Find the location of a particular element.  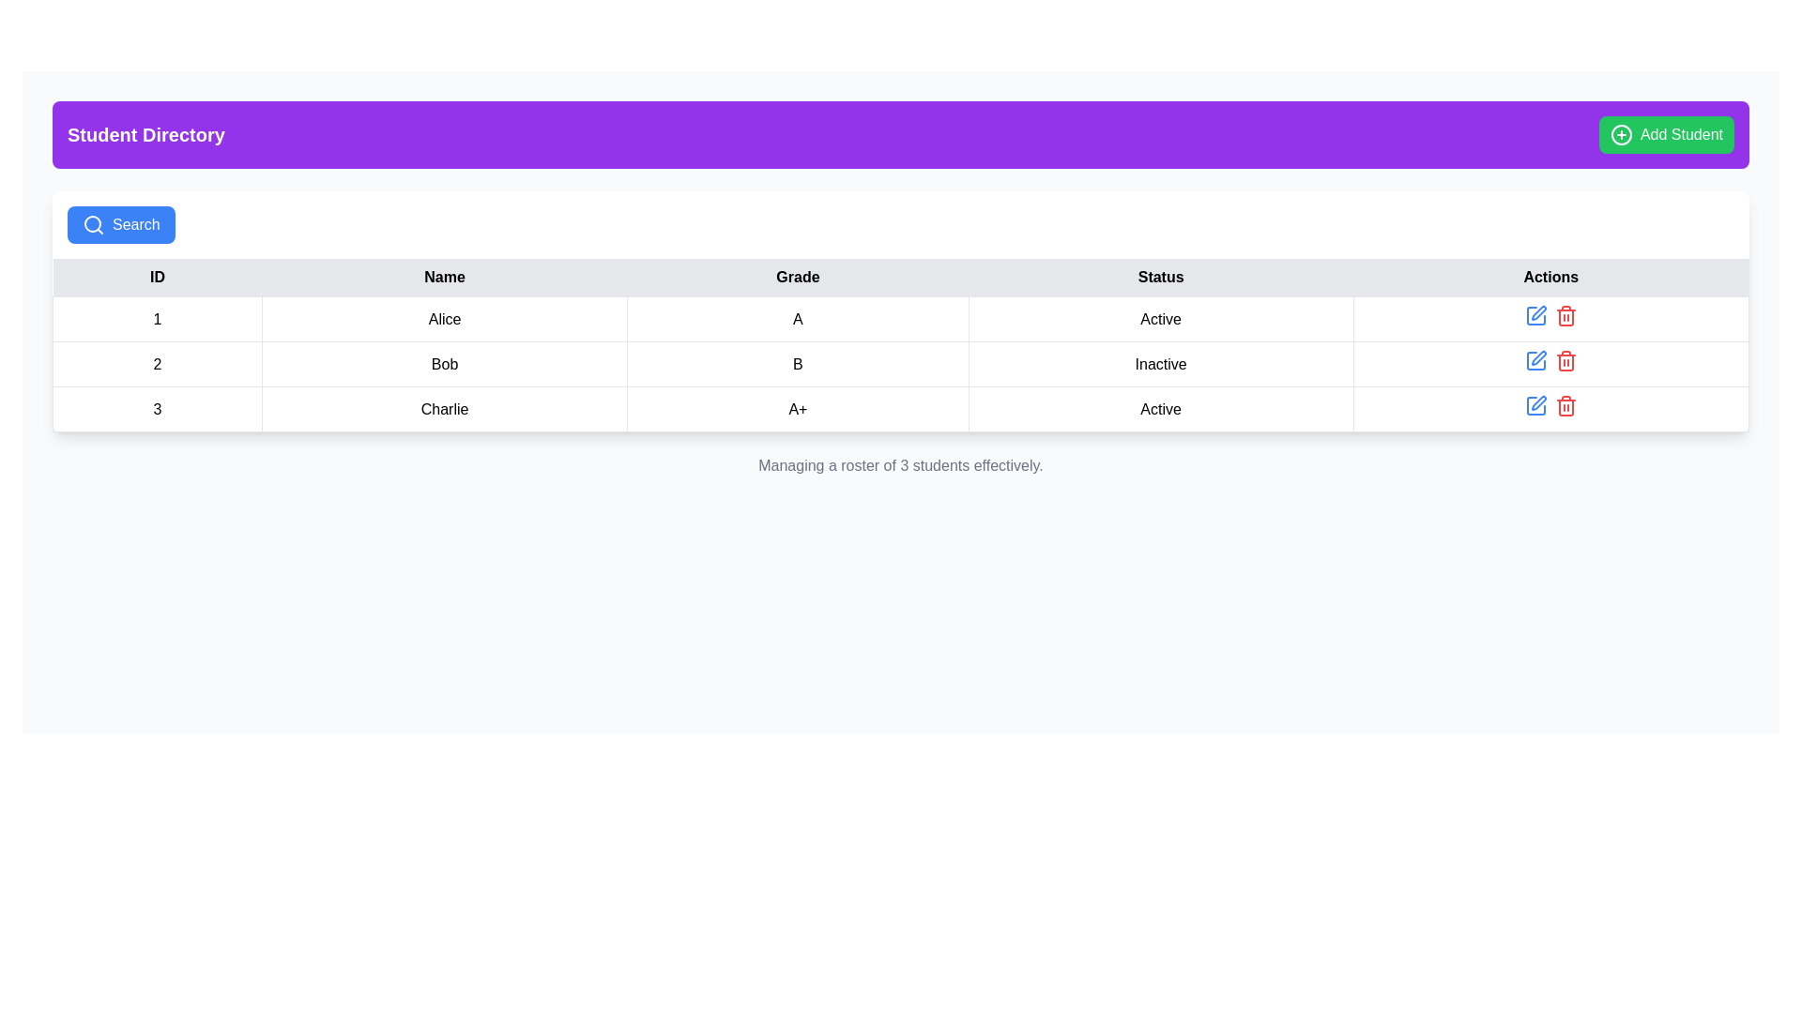

the icon button resembling a pen drawing a square, located in the 'Actions' column of the third row in the table under 'Student Directory' is located at coordinates (1538, 401).